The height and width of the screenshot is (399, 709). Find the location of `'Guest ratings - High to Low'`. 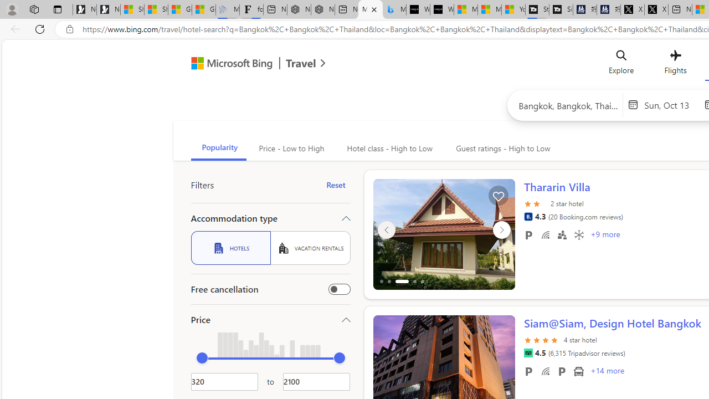

'Guest ratings - High to Low' is located at coordinates (501, 148).